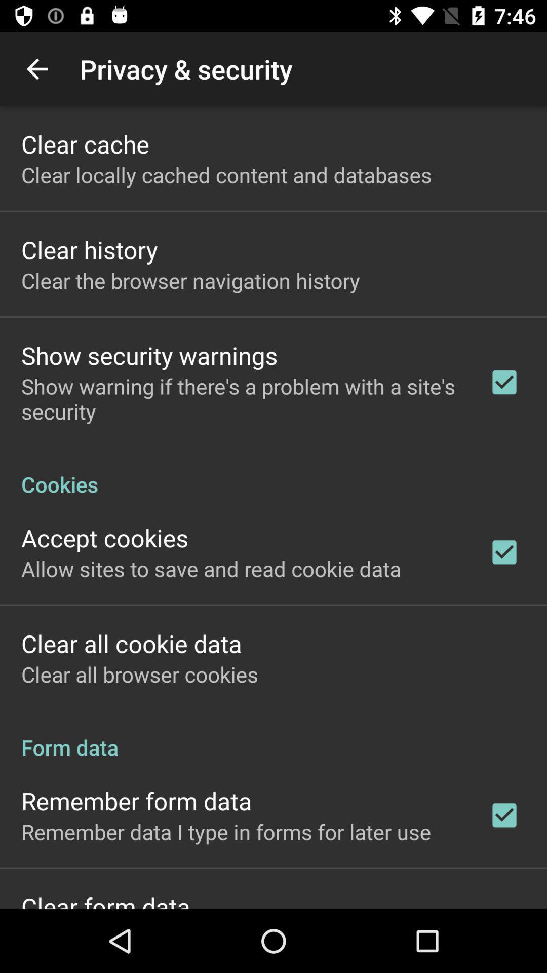 The width and height of the screenshot is (547, 973). Describe the element at coordinates (105, 537) in the screenshot. I see `accept cookies` at that location.